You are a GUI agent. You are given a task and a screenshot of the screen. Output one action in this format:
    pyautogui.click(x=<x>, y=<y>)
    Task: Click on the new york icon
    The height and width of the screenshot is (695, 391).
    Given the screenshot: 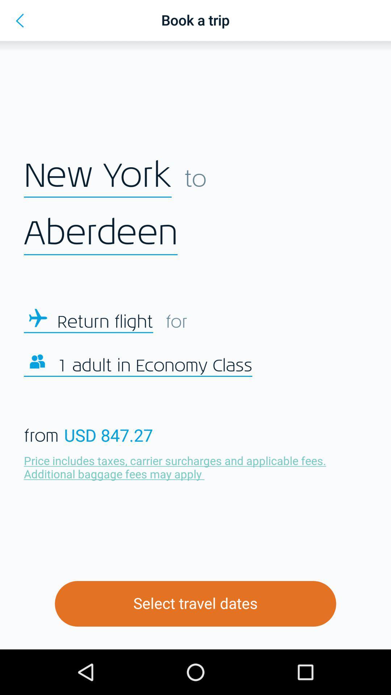 What is the action you would take?
    pyautogui.click(x=98, y=176)
    